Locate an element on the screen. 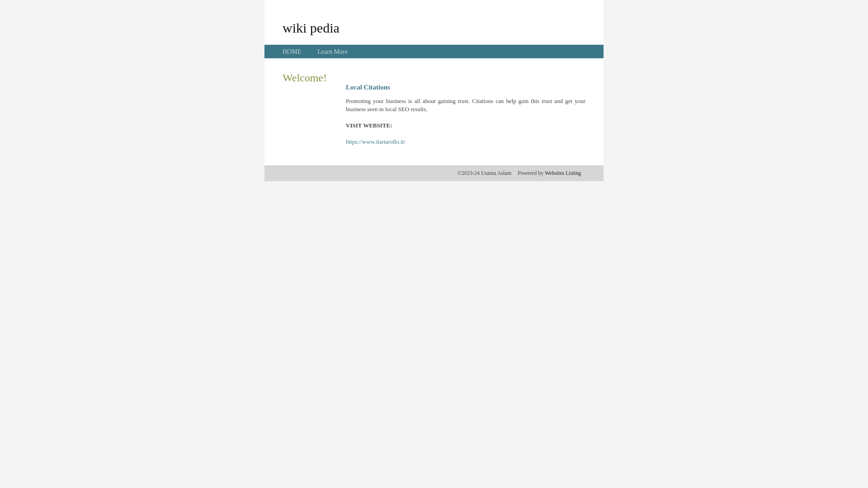 Image resolution: width=868 pixels, height=488 pixels. 'Websites Listing' is located at coordinates (544, 173).